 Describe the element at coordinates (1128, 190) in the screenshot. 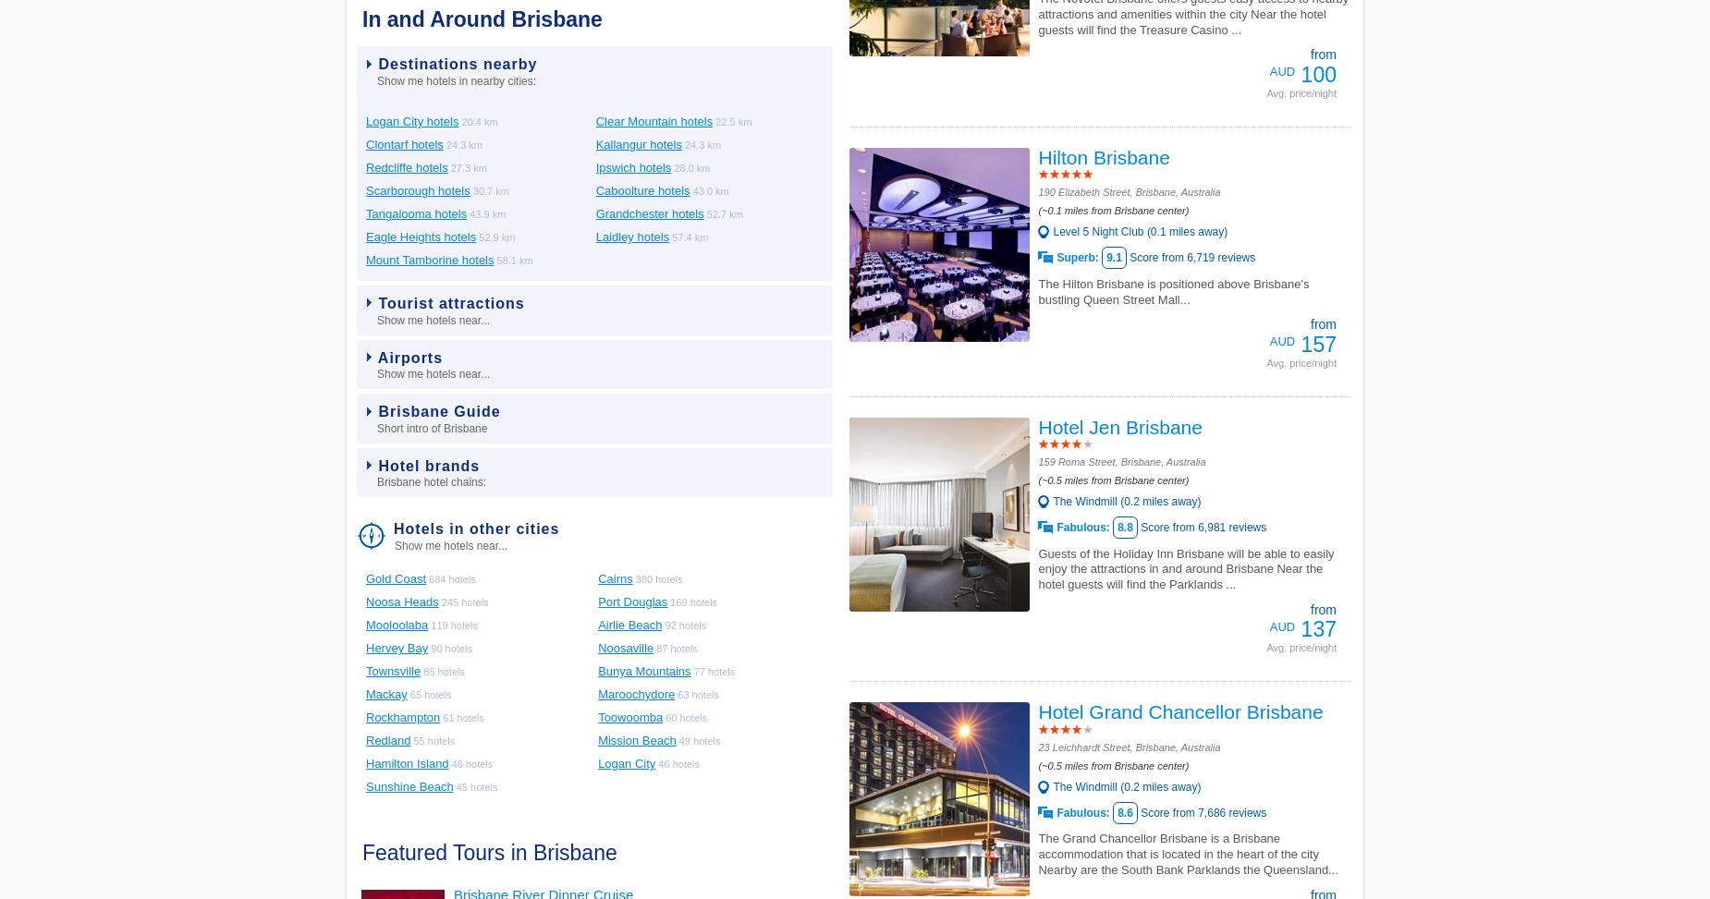

I see `'190 Elizabeth Street, Brisbane, Australia'` at that location.